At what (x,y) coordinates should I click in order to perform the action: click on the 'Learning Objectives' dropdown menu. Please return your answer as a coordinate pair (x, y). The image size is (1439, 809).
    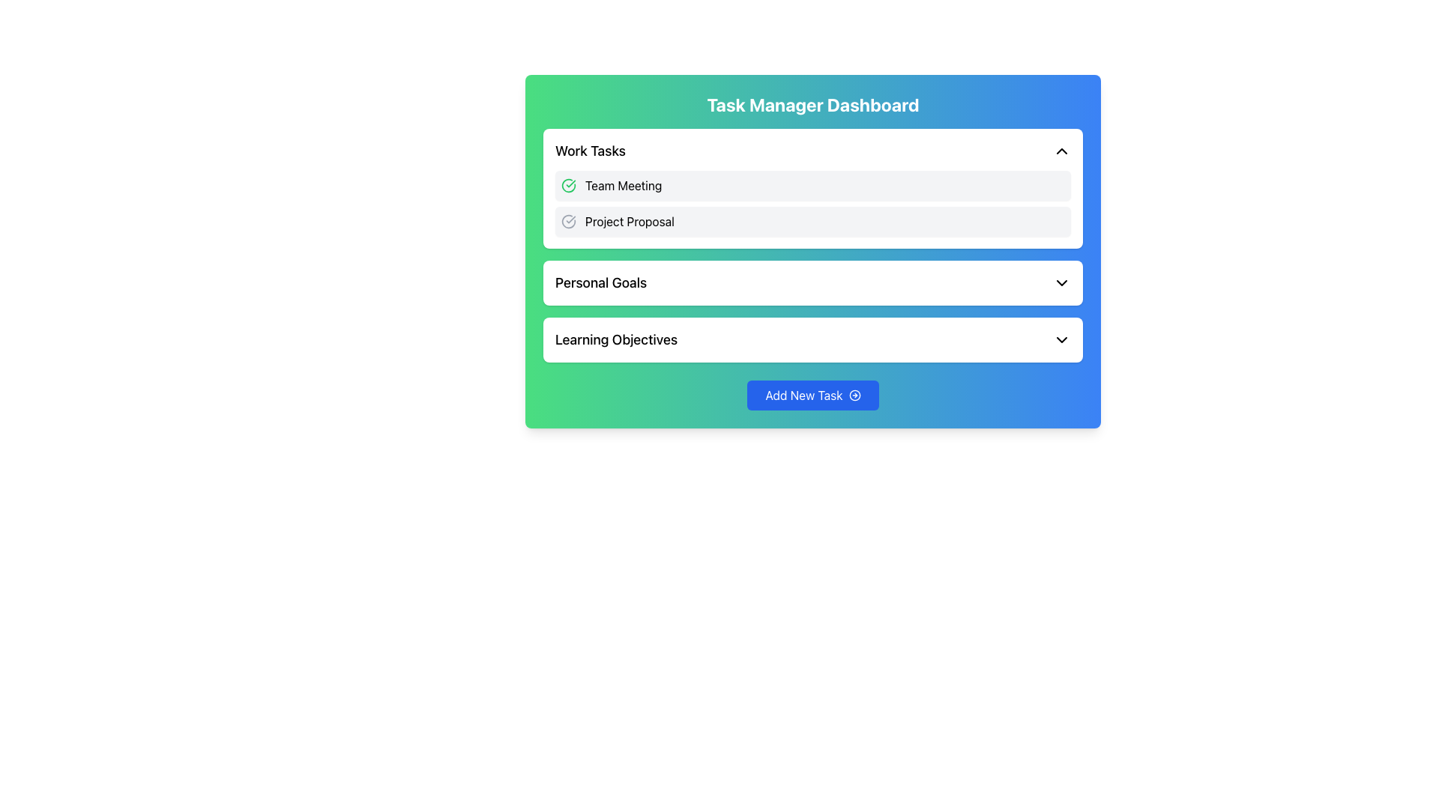
    Looking at the image, I should click on (812, 340).